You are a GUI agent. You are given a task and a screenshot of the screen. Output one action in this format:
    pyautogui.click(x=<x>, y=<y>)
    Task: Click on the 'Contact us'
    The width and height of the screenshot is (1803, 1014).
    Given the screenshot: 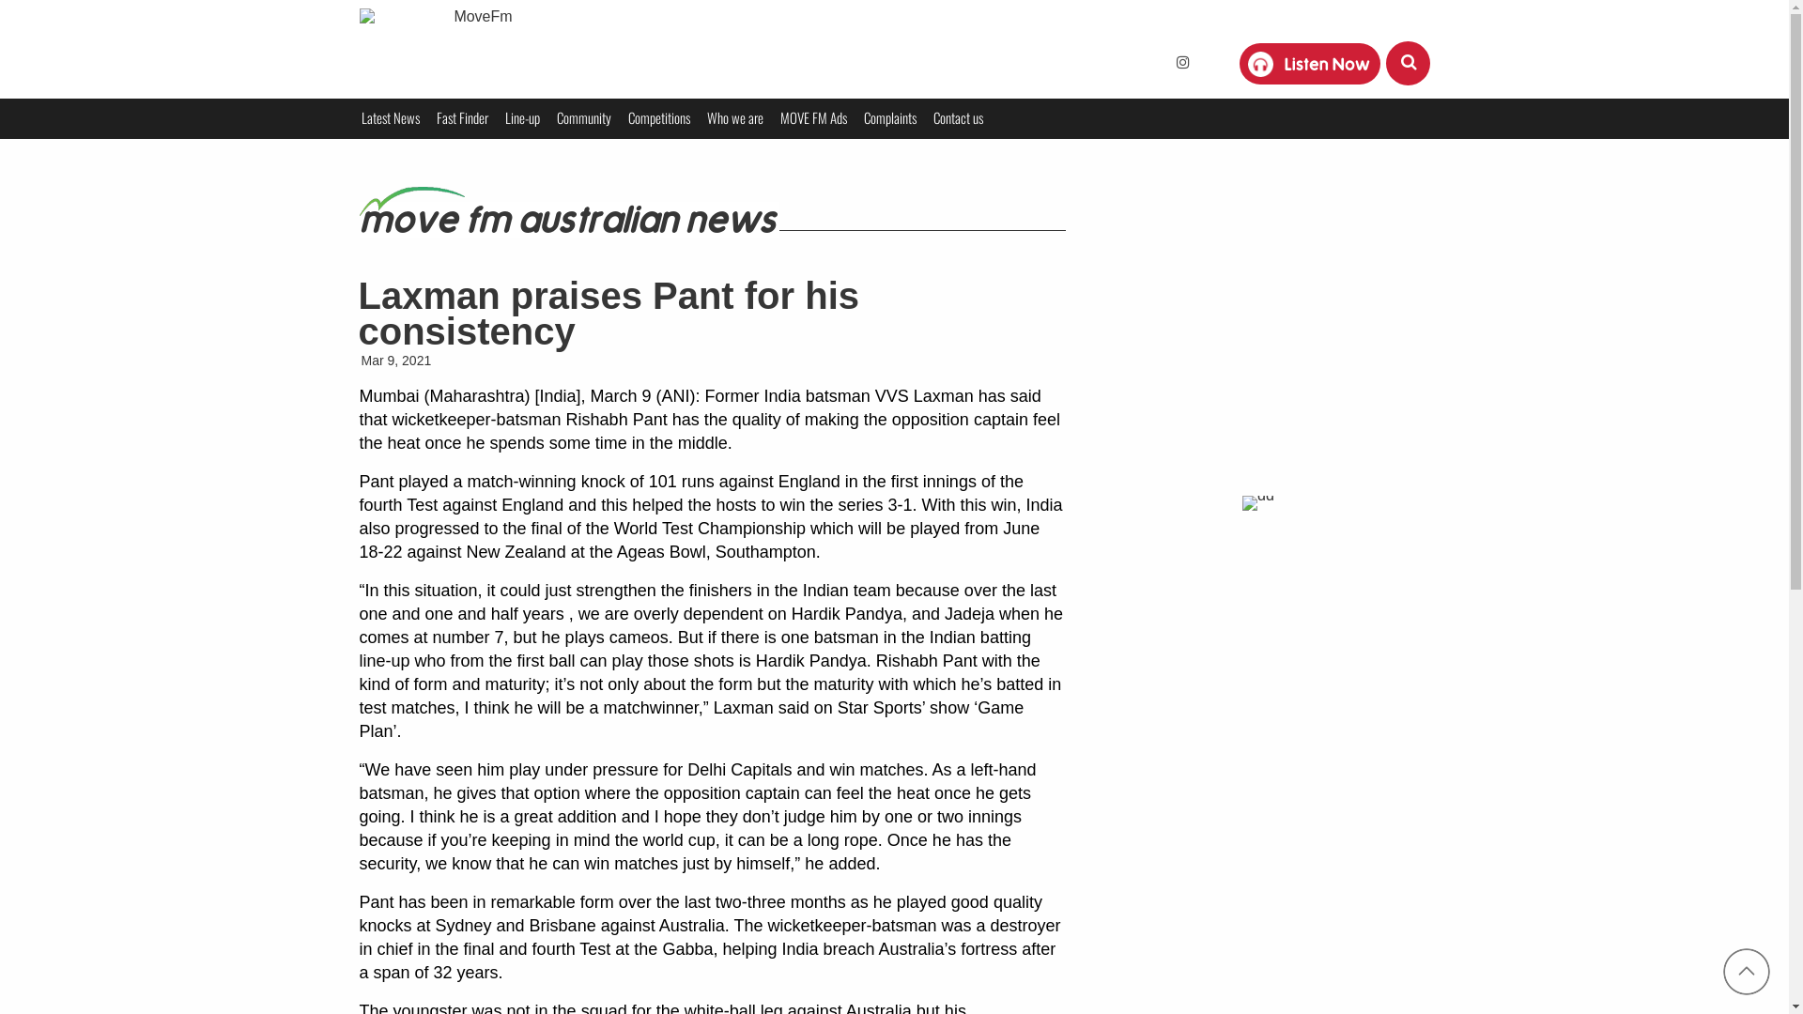 What is the action you would take?
    pyautogui.click(x=957, y=118)
    